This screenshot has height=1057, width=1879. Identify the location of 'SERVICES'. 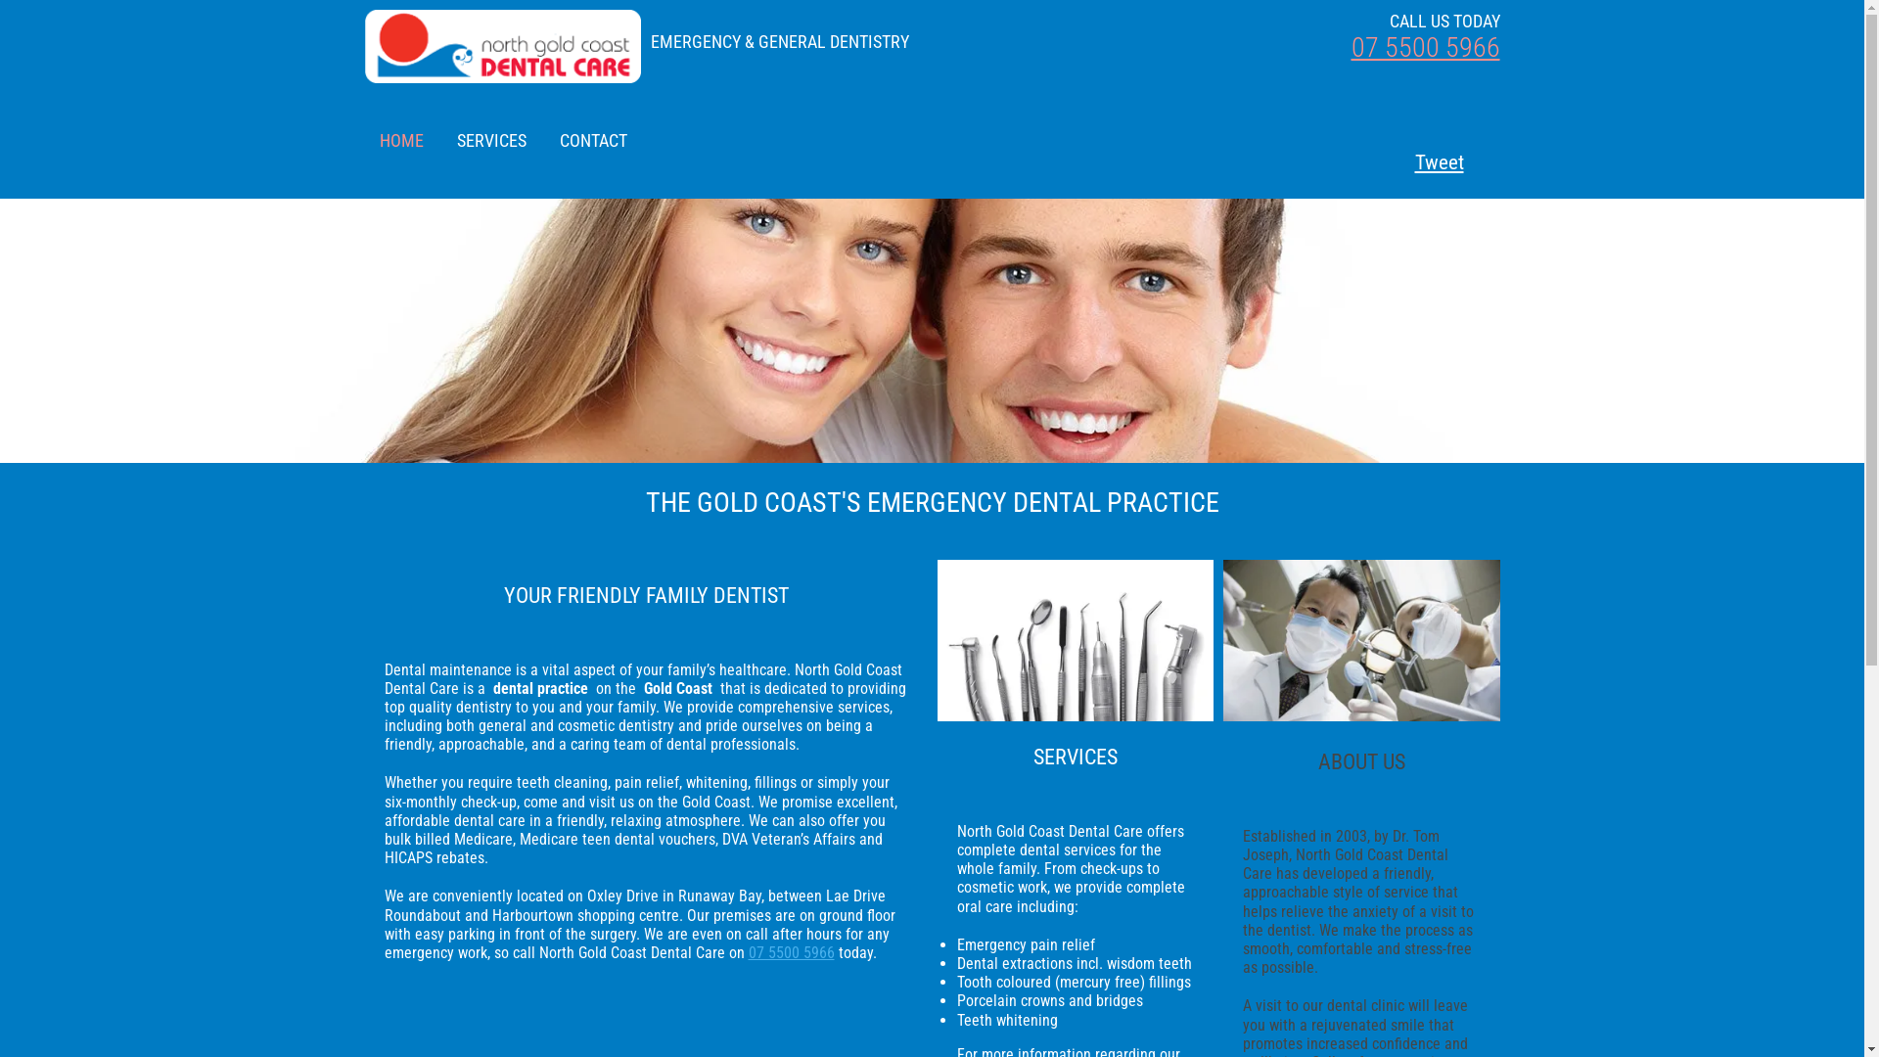
(490, 139).